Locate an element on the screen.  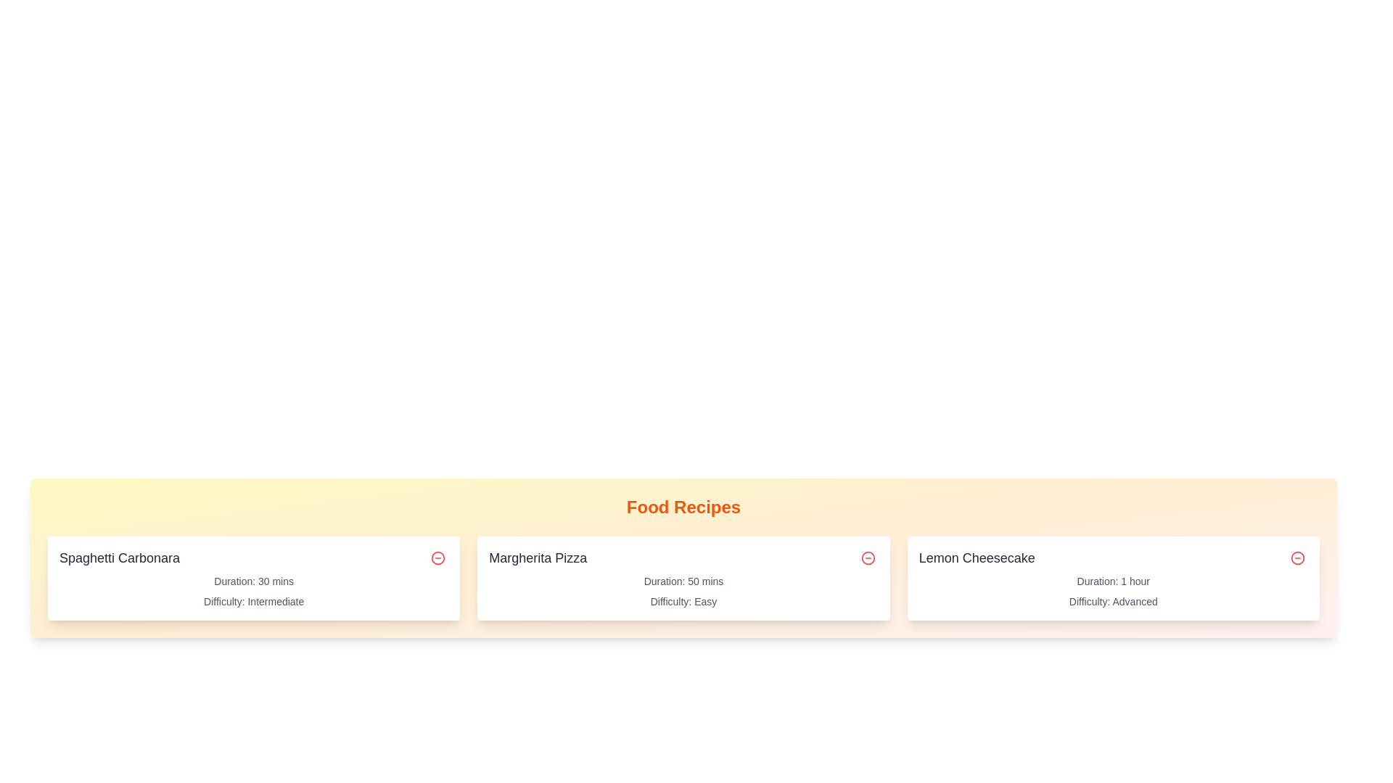
the text element that provides preparation time and difficulty level for the 'Lemon Cheesecake' recipe, located within its card below the title is located at coordinates (1112, 592).